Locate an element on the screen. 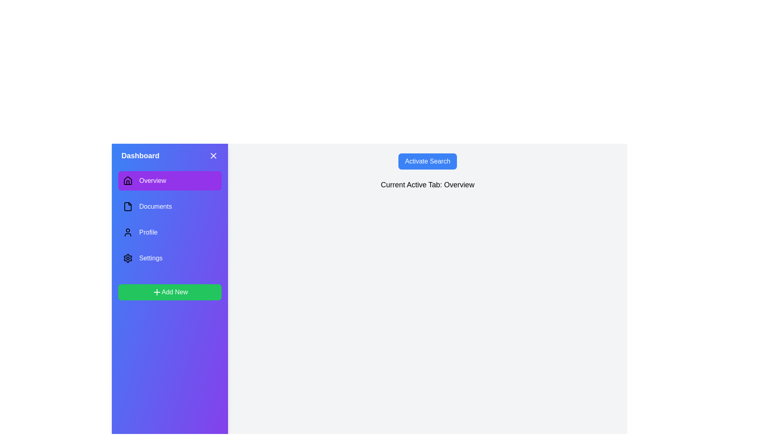 The height and width of the screenshot is (436, 775). the settings icon, which is a cogwheel shape located in the sidebar menu next to the text labeled 'Settings' is located at coordinates (127, 258).